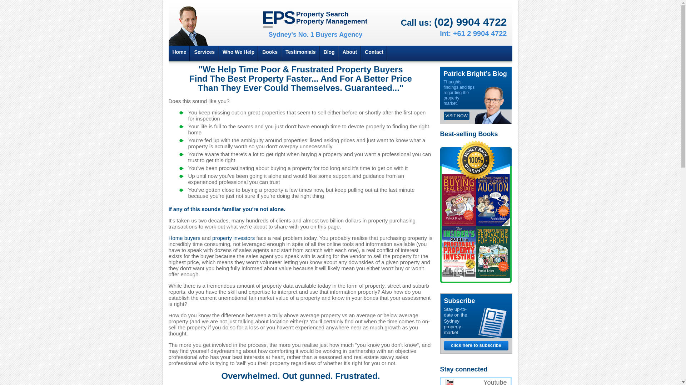 The width and height of the screenshot is (686, 385). I want to click on 'Who We Help', so click(238, 53).